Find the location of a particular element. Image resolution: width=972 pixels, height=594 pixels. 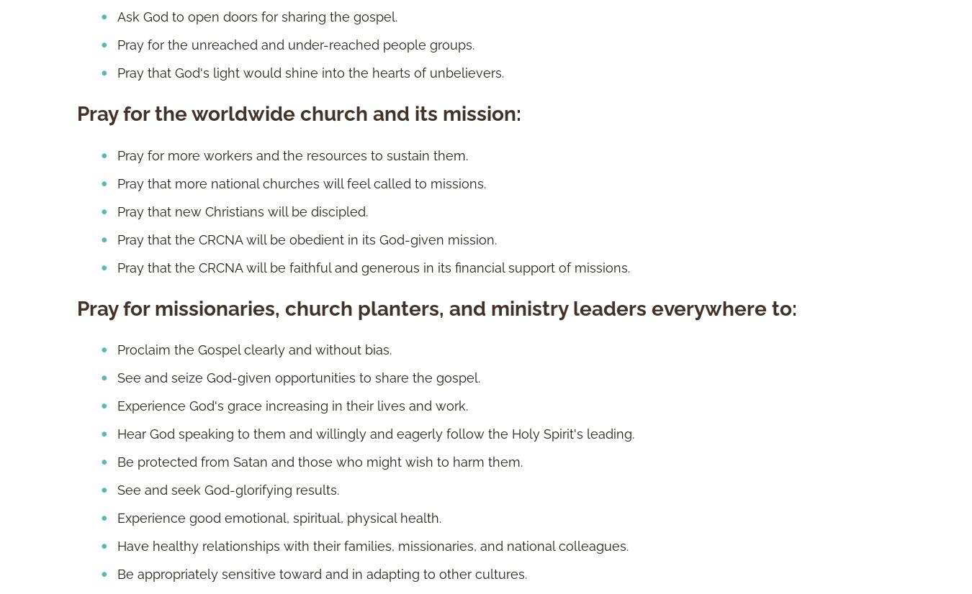

'Grand Rapids, MI' is located at coordinates (661, 107).